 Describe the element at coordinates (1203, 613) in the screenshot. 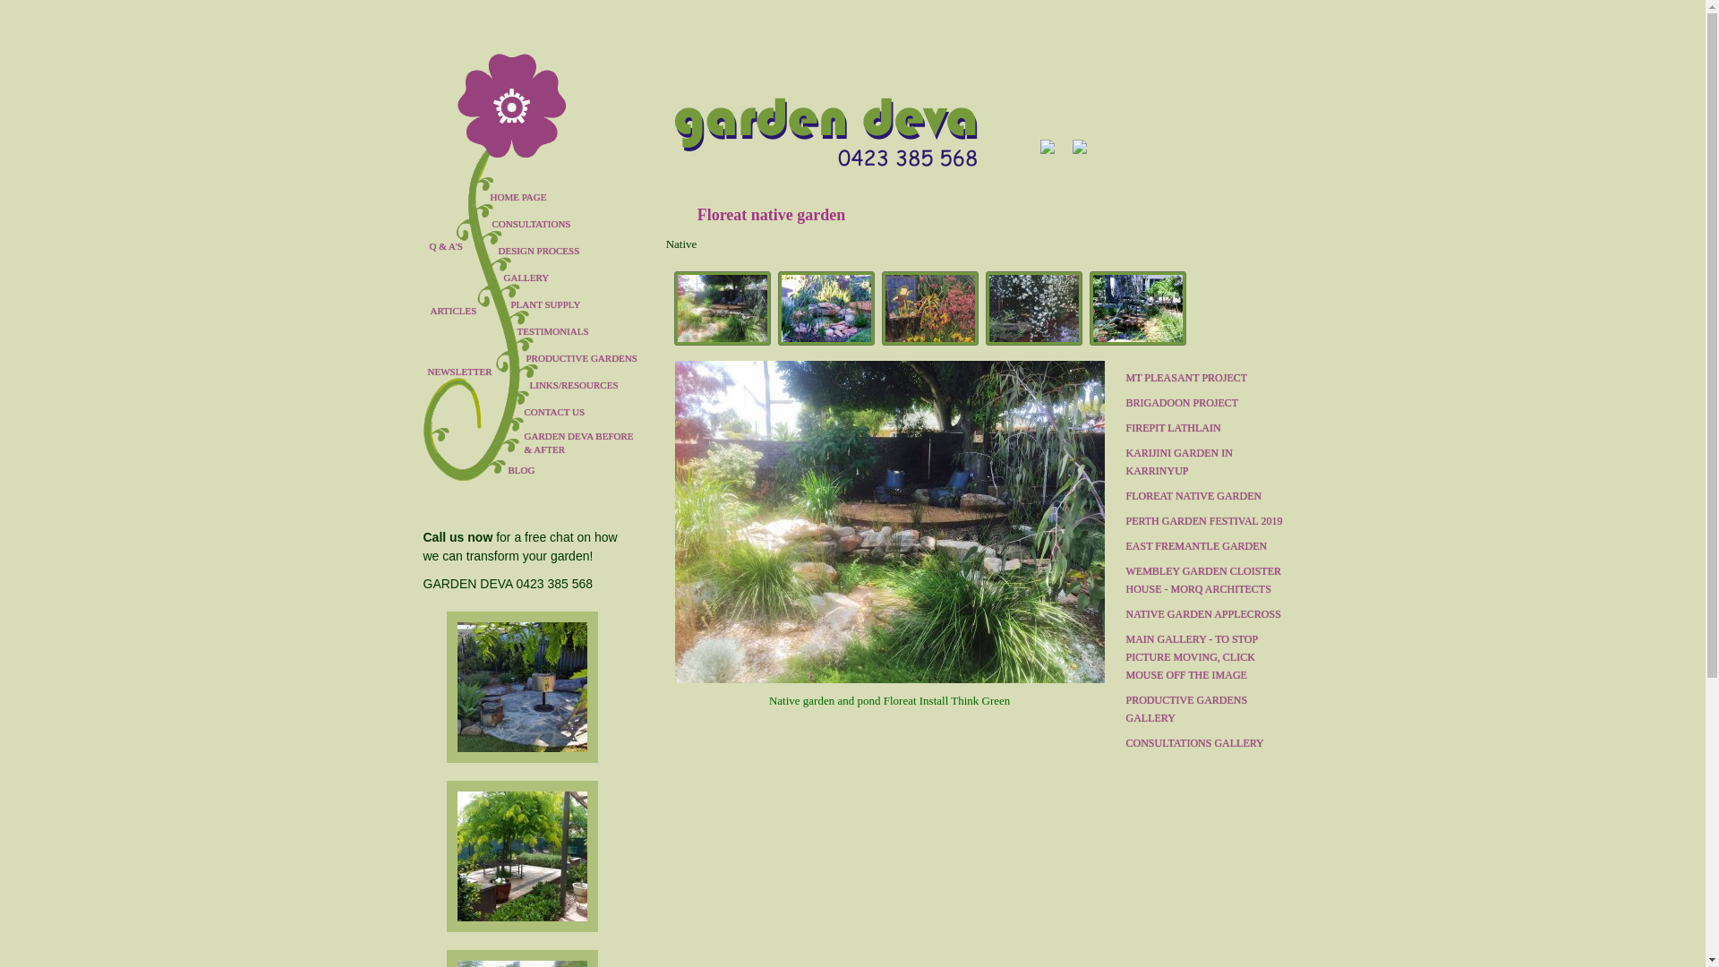

I see `'NATIVE GARDEN APPLECROSS'` at that location.